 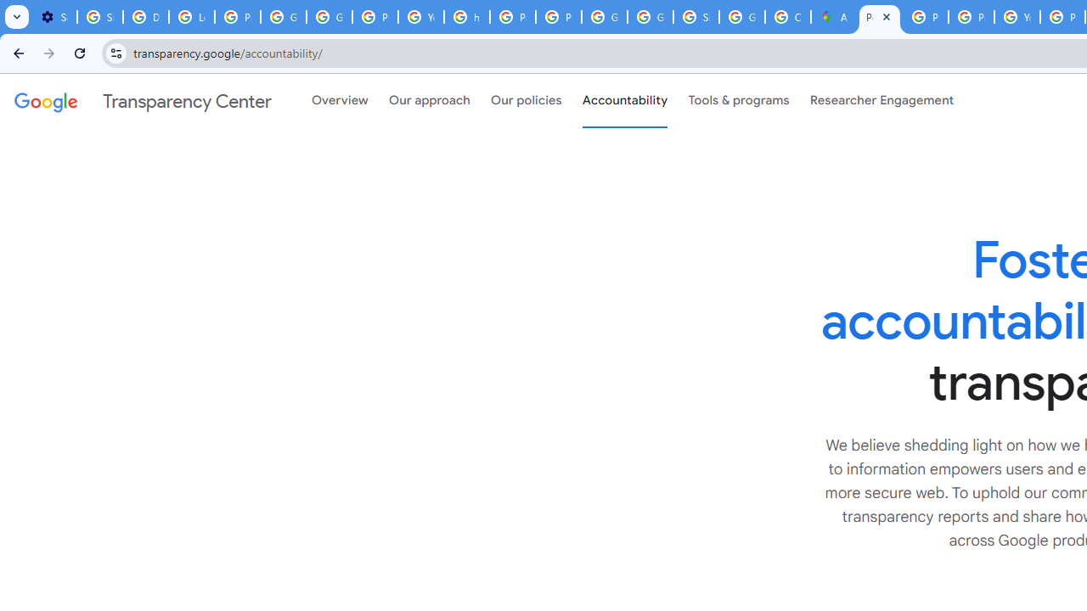 What do you see at coordinates (880, 17) in the screenshot?
I see `'Policy Accountability and Transparency - Transparency Center'` at bounding box center [880, 17].